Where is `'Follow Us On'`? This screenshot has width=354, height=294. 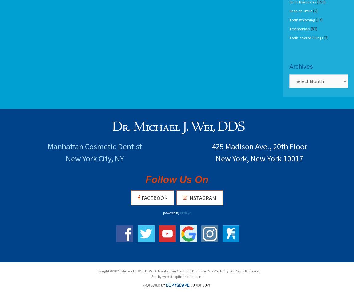
'Follow Us On' is located at coordinates (177, 179).